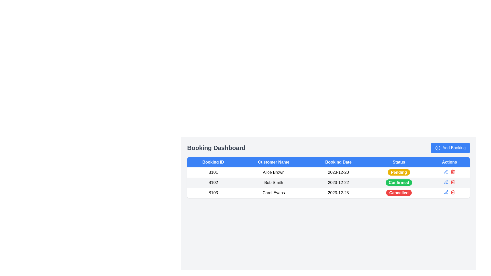  What do you see at coordinates (438, 148) in the screenshot?
I see `the graphic icon embedded within the 'Add Booking' button, which indicates the action of adding new entries or items` at bounding box center [438, 148].